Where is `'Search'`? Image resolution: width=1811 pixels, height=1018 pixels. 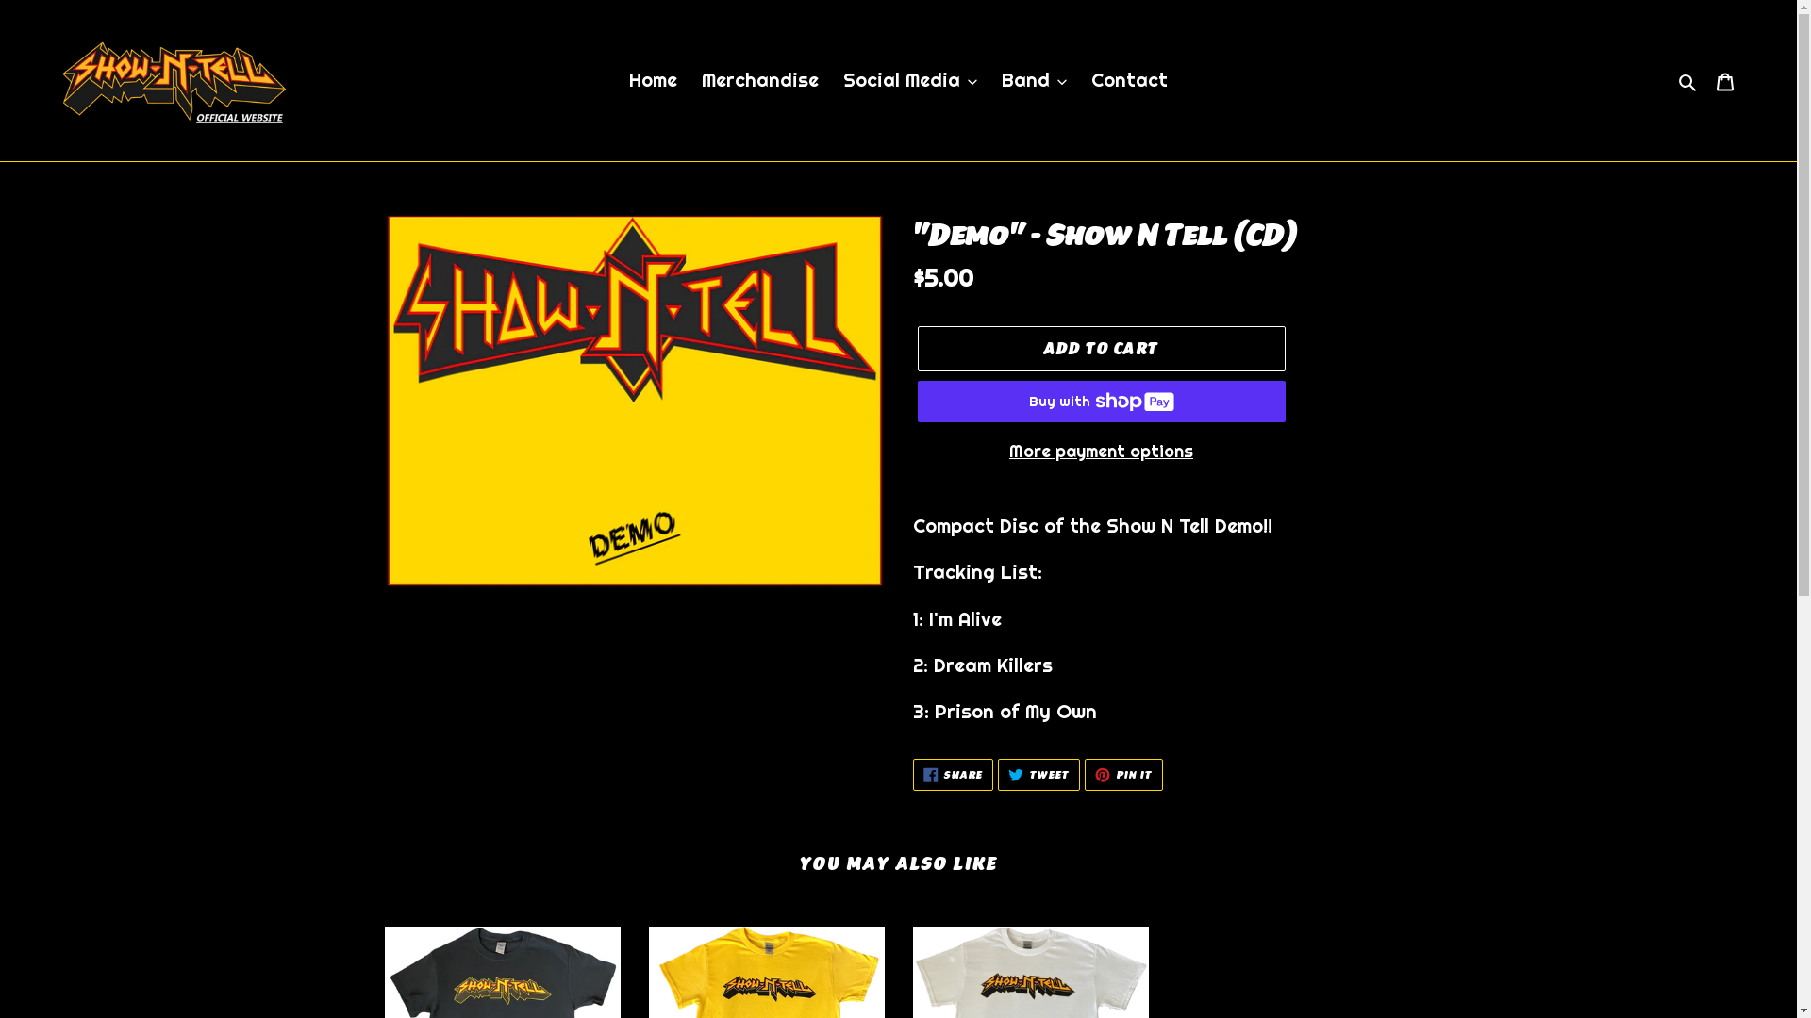 'Search' is located at coordinates (1671, 78).